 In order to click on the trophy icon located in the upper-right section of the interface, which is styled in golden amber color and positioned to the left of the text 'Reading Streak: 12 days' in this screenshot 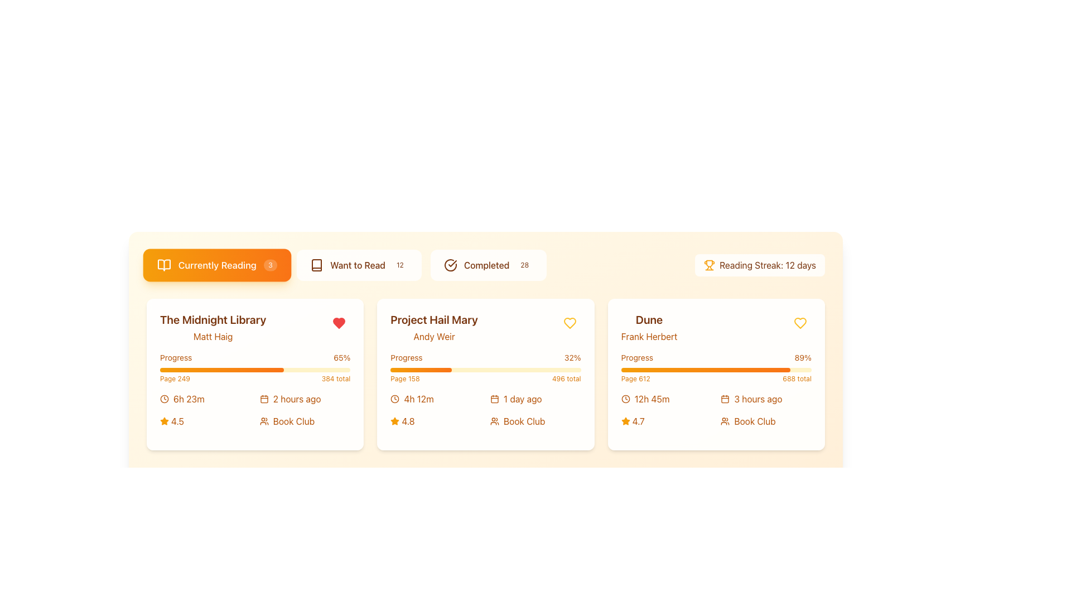, I will do `click(709, 265)`.